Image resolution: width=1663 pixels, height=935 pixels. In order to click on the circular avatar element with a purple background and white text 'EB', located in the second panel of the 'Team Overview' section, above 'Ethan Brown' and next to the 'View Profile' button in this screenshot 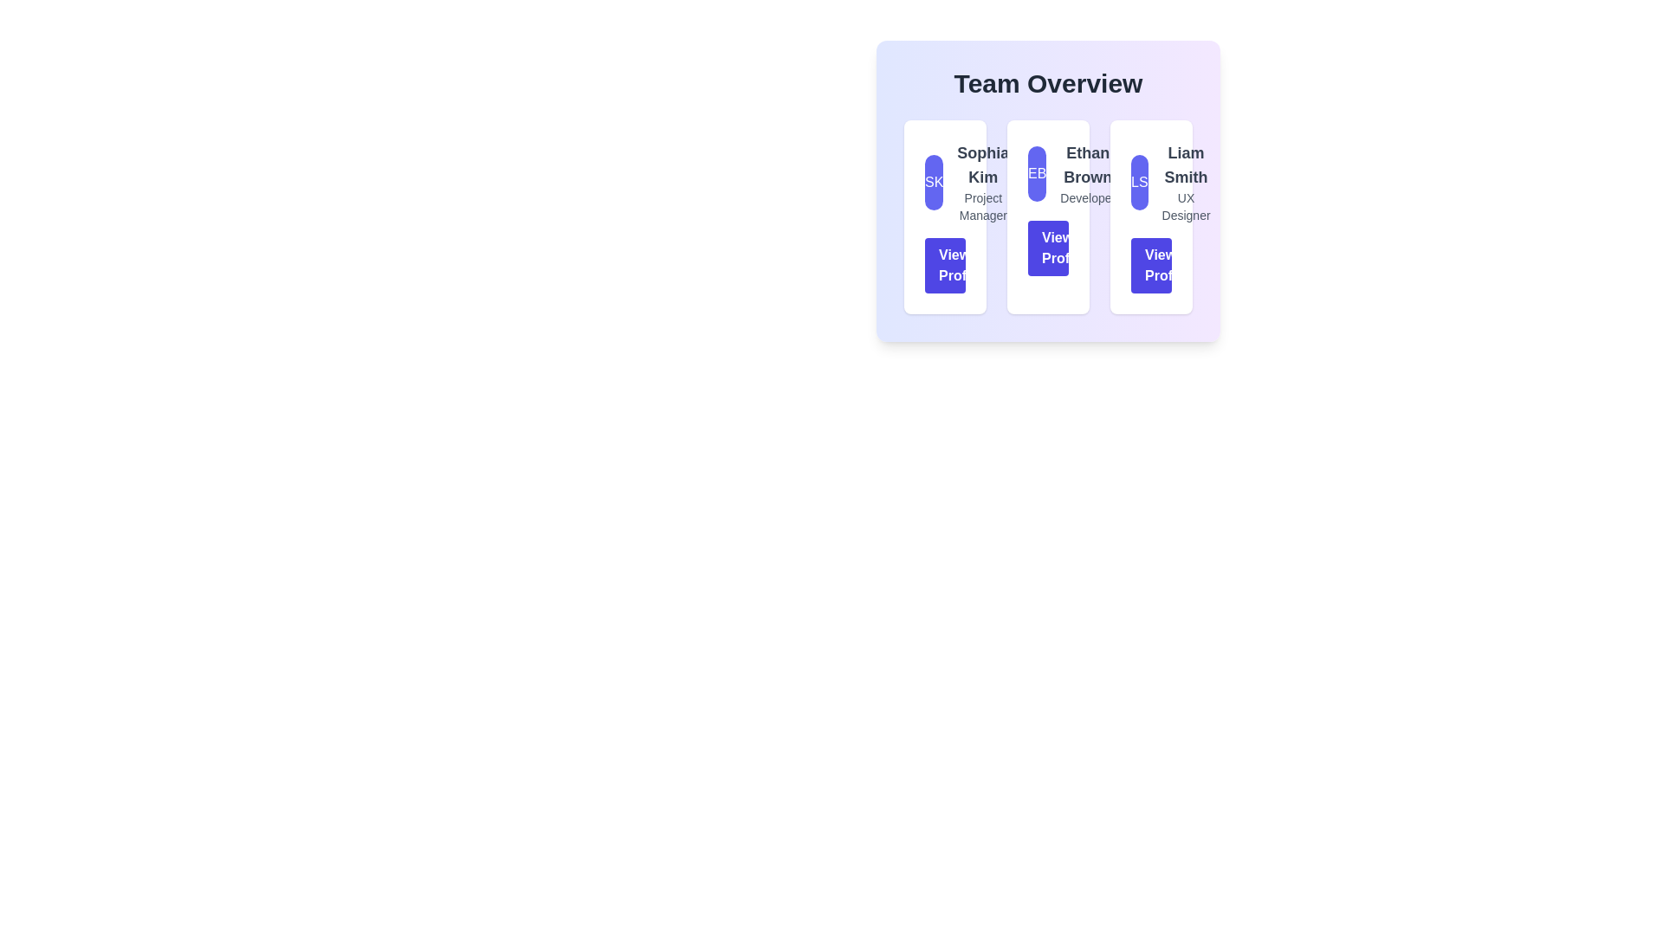, I will do `click(1037, 173)`.